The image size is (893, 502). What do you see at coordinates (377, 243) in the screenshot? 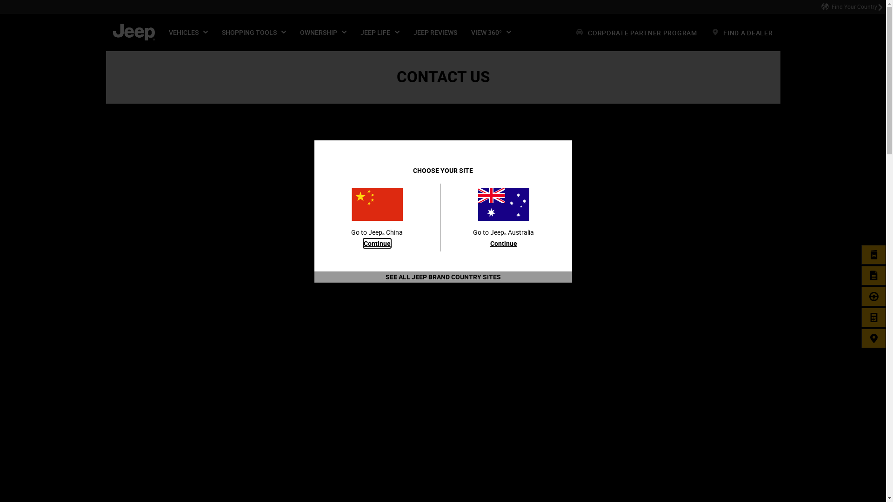
I see `'Continue'` at bounding box center [377, 243].